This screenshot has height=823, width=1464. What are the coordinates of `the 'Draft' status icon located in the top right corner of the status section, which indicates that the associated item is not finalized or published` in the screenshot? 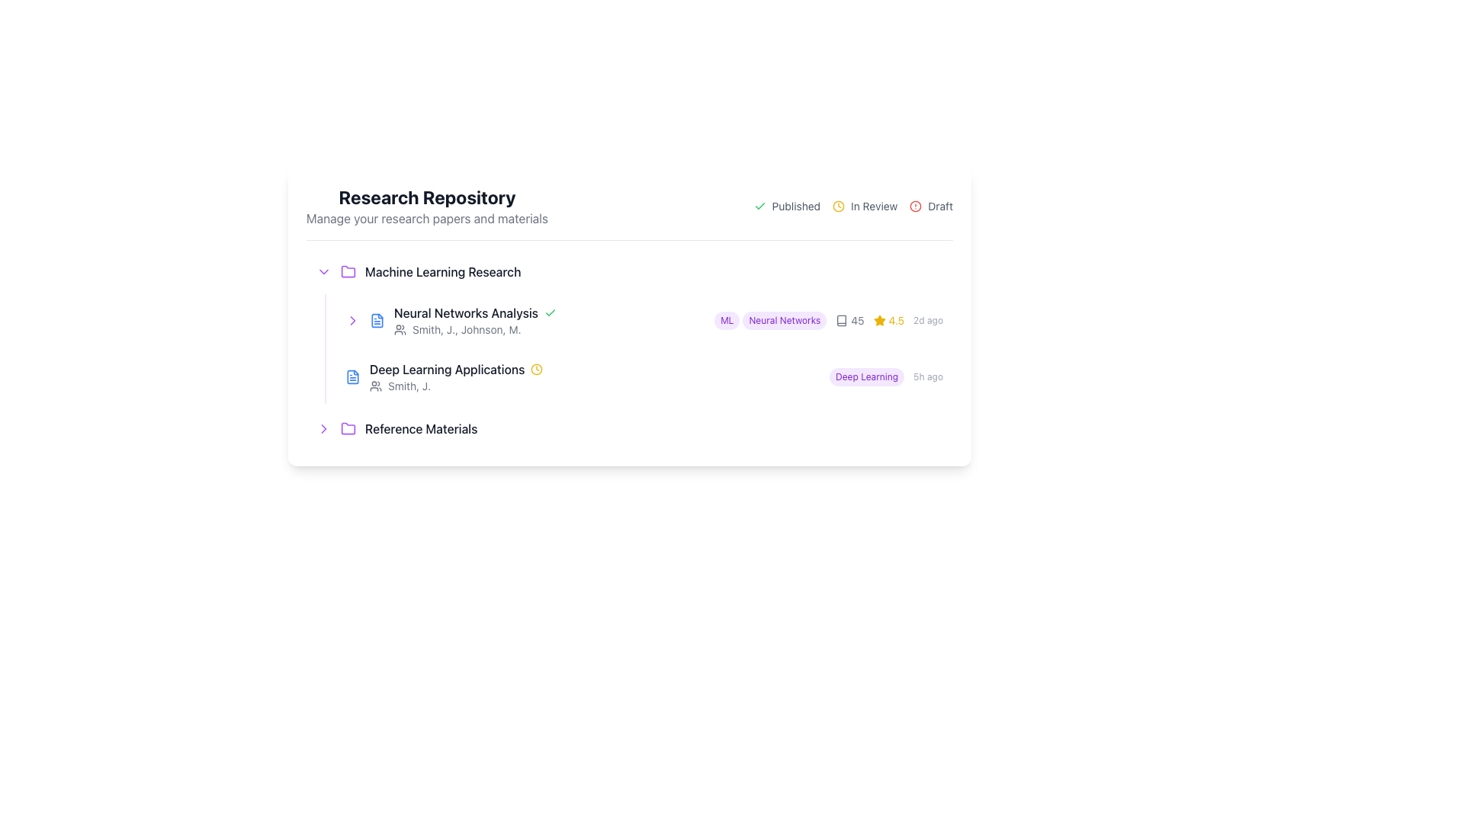 It's located at (915, 206).